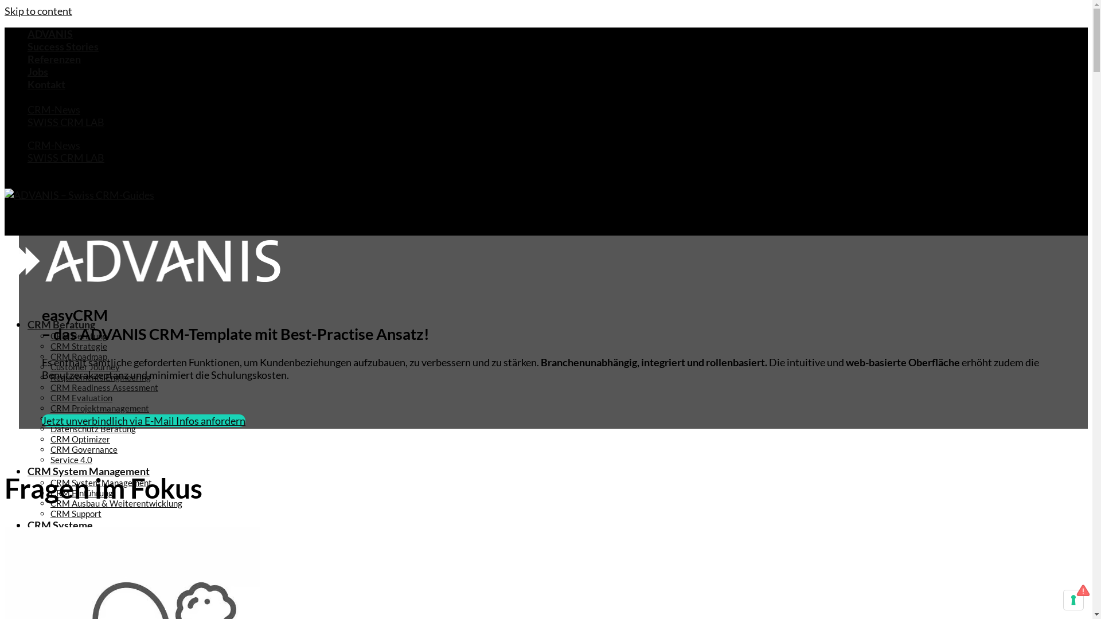  What do you see at coordinates (131, 608) in the screenshot?
I see `'Microsoft Dynamics 365 Sales'` at bounding box center [131, 608].